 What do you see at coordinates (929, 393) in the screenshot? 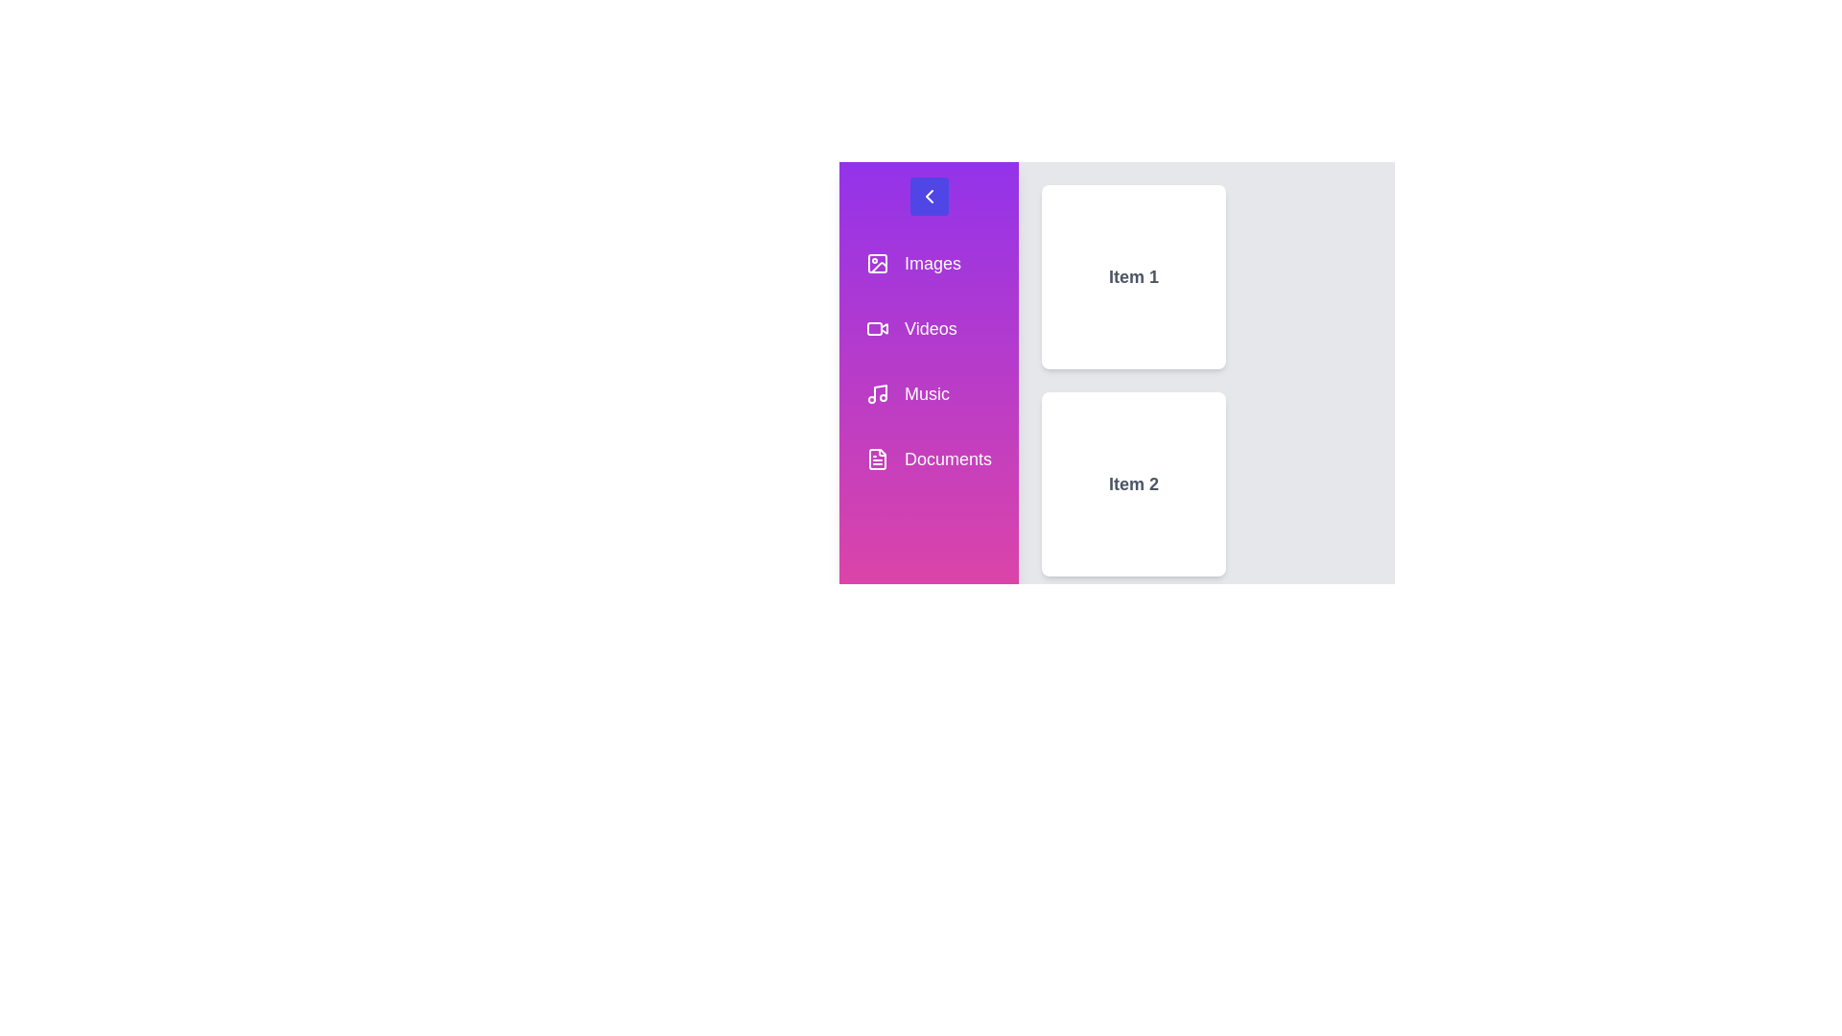
I see `the sidebar menu item labeled Music` at bounding box center [929, 393].